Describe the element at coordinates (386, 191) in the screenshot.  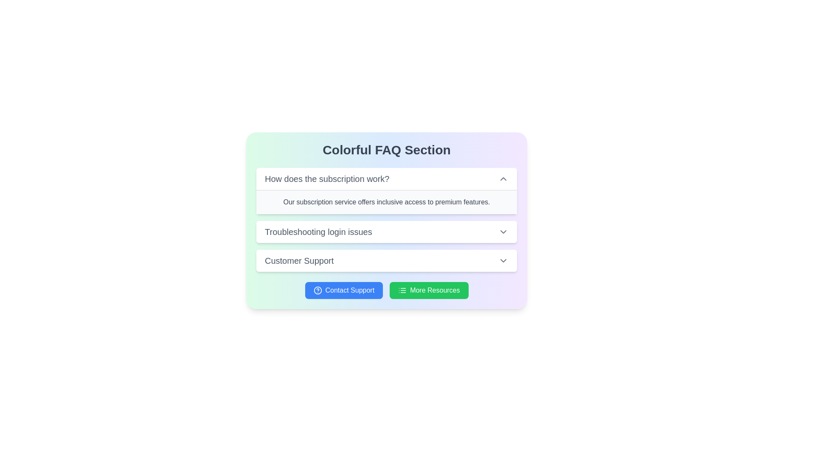
I see `the first Collapsible FAQ Item located in the Colorful FAQ Section` at that location.